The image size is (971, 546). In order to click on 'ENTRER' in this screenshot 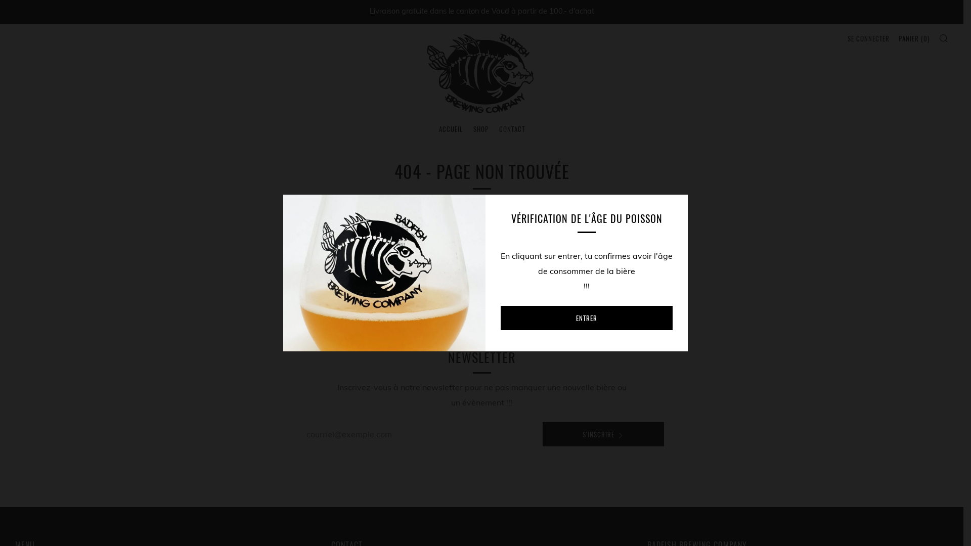, I will do `click(587, 317)`.